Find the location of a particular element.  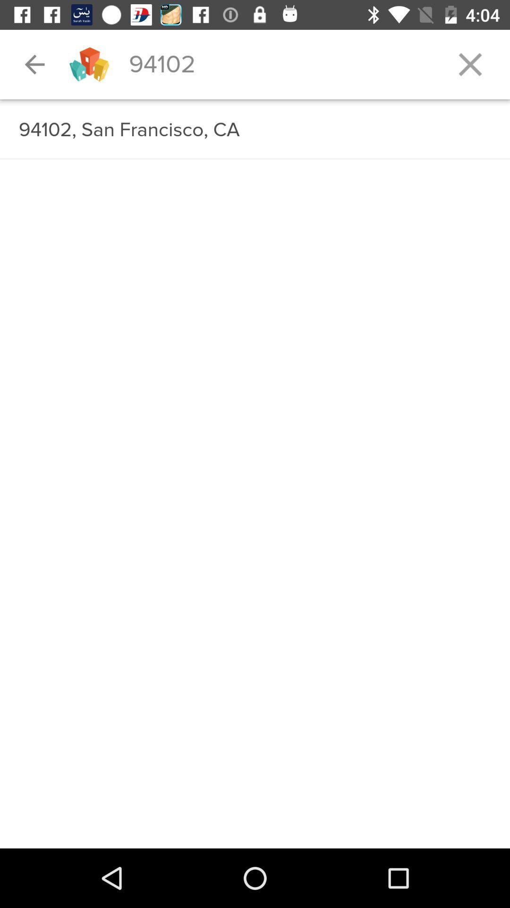

the item above the 94102 san francisco is located at coordinates (255, 100).